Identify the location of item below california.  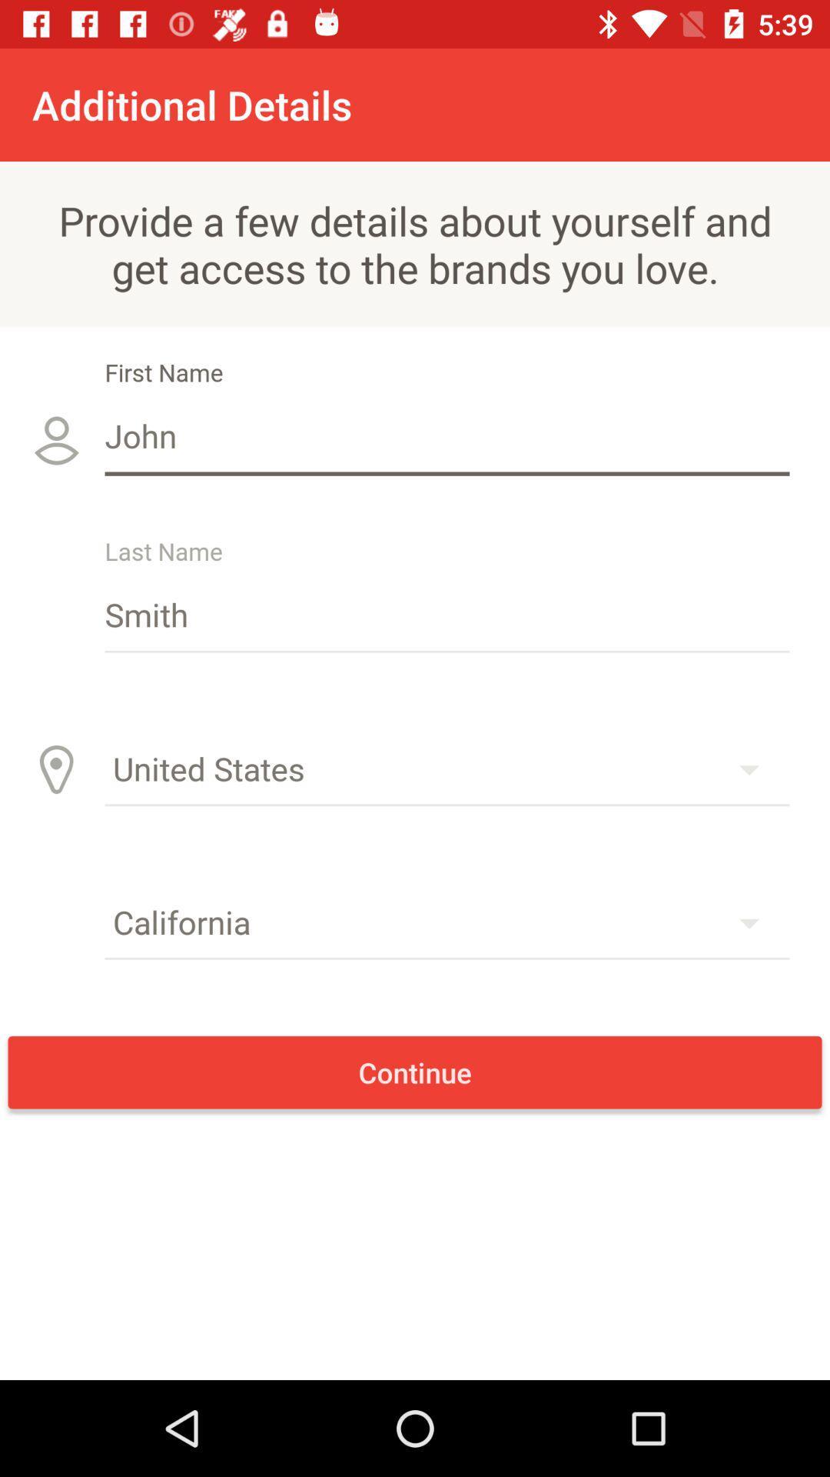
(415, 1072).